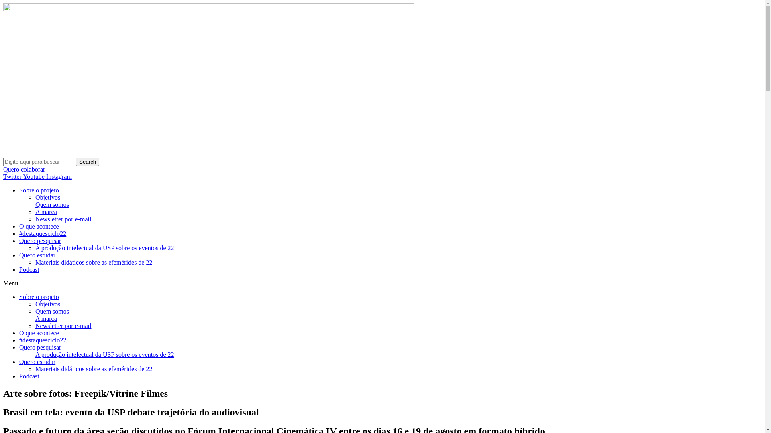  I want to click on 'Podcast', so click(19, 269).